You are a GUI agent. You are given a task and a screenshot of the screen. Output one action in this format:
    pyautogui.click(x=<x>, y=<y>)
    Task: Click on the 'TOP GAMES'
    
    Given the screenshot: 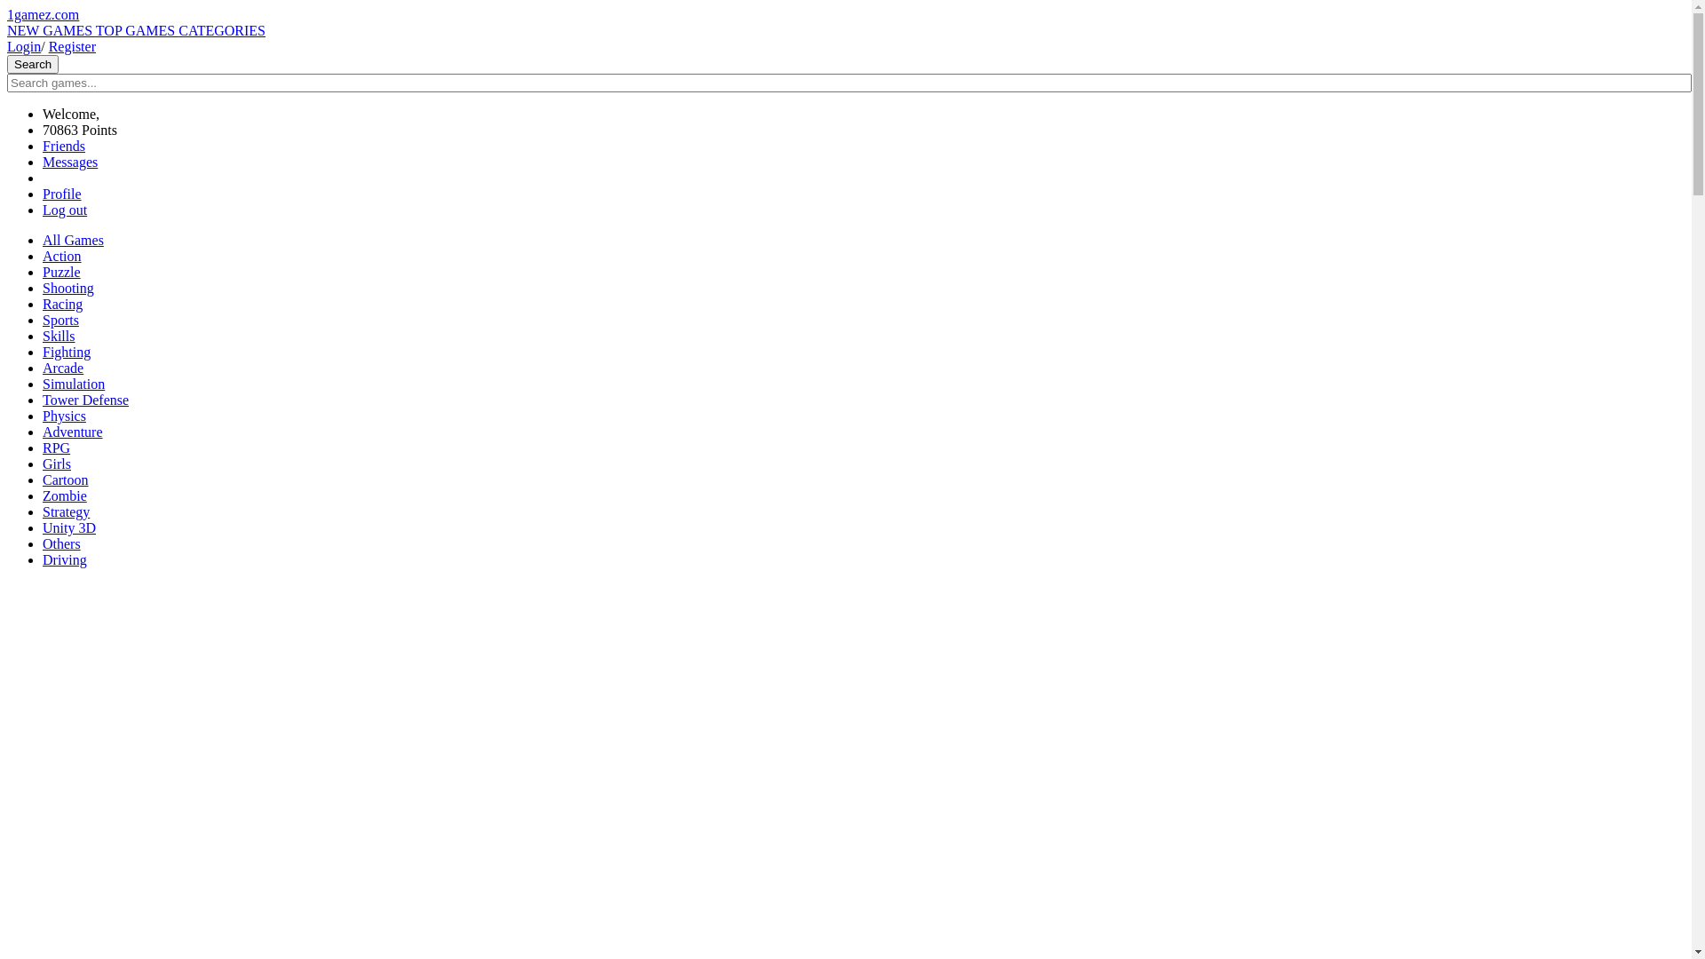 What is the action you would take?
    pyautogui.click(x=136, y=30)
    